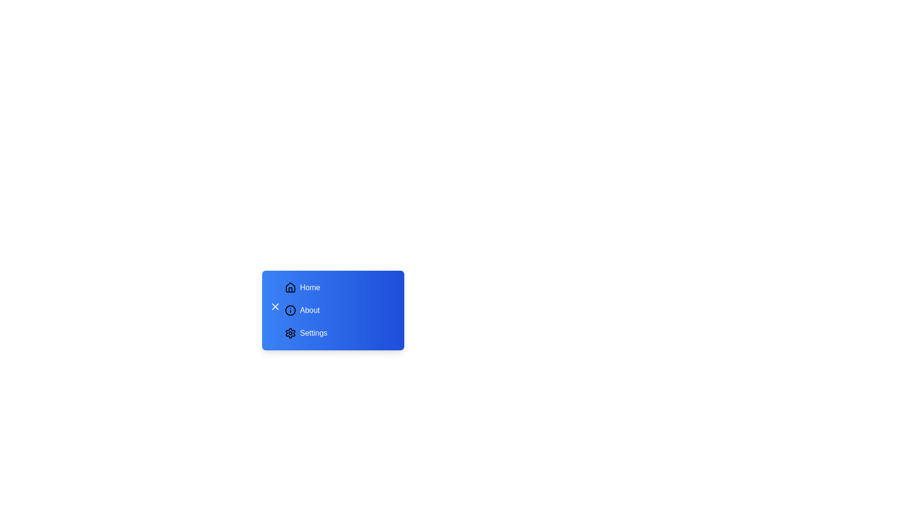 The width and height of the screenshot is (910, 512). I want to click on the menu item Settings to trigger its hover effect, so click(339, 332).